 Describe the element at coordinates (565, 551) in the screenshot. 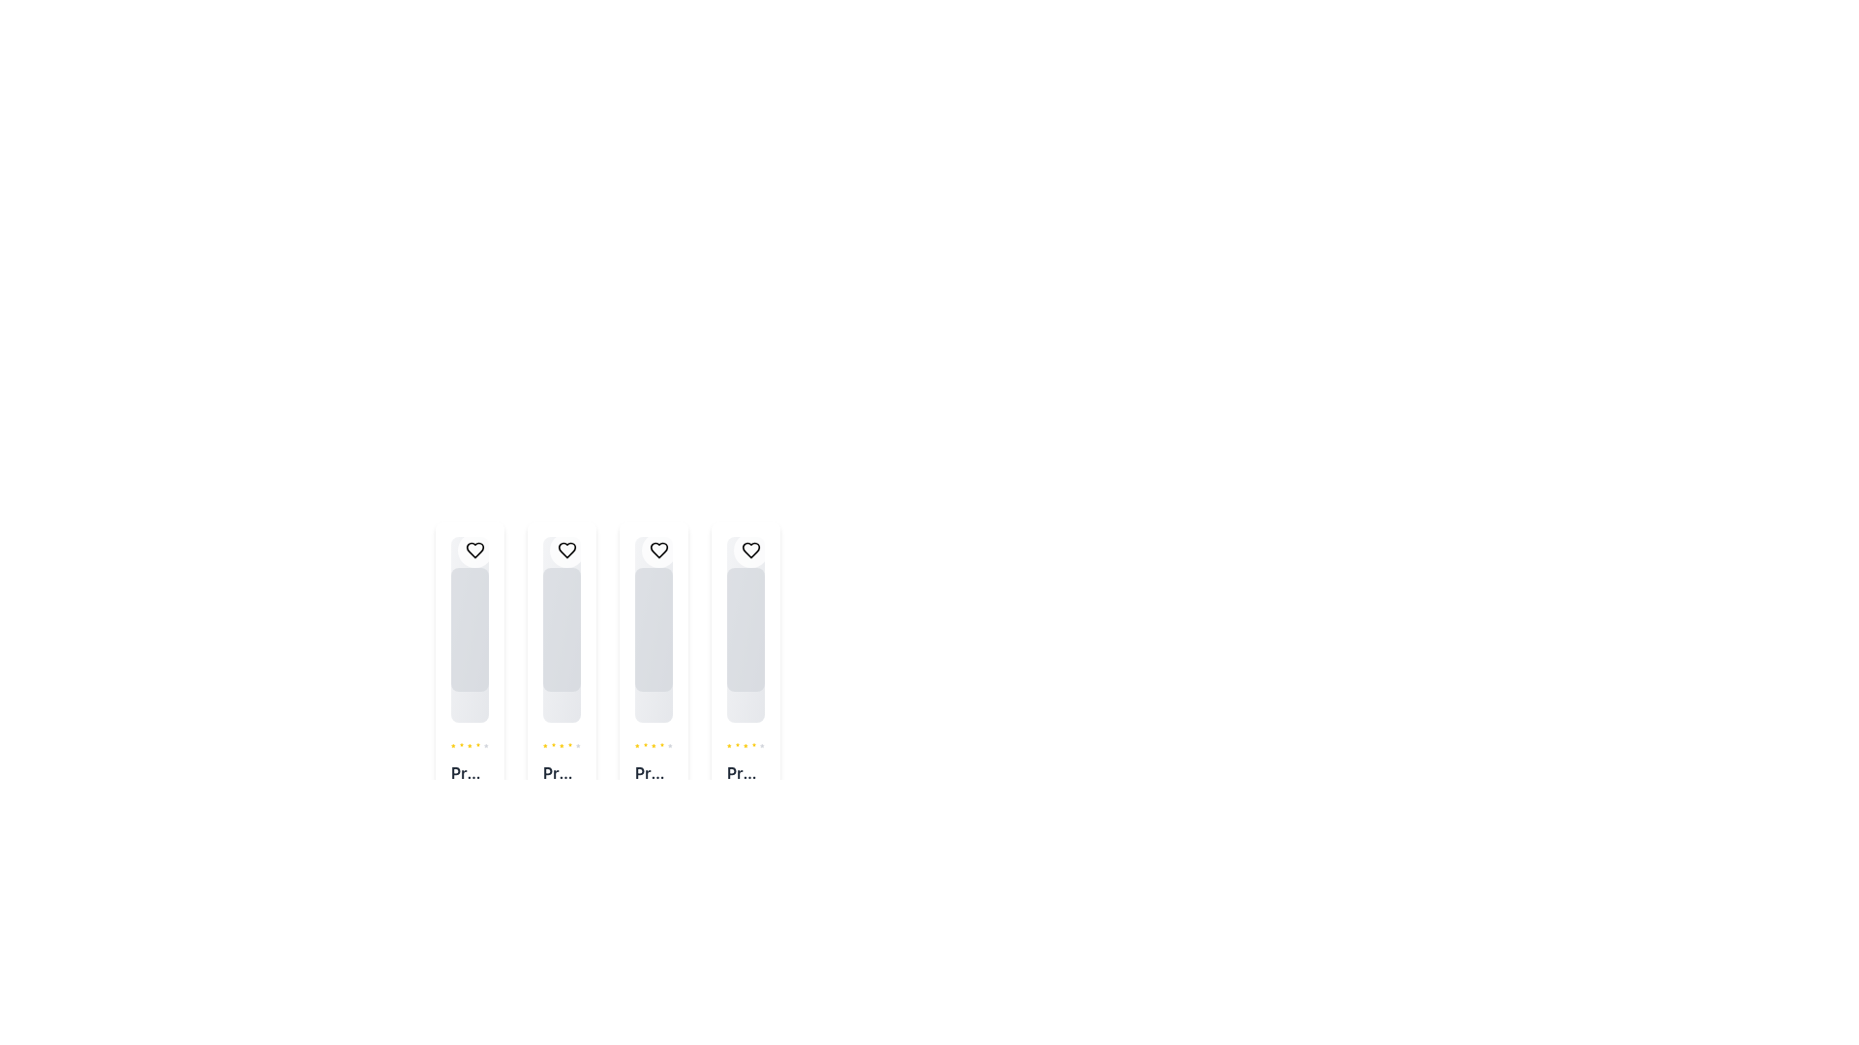

I see `the icon button located above the product representation in the second column of the grid` at that location.